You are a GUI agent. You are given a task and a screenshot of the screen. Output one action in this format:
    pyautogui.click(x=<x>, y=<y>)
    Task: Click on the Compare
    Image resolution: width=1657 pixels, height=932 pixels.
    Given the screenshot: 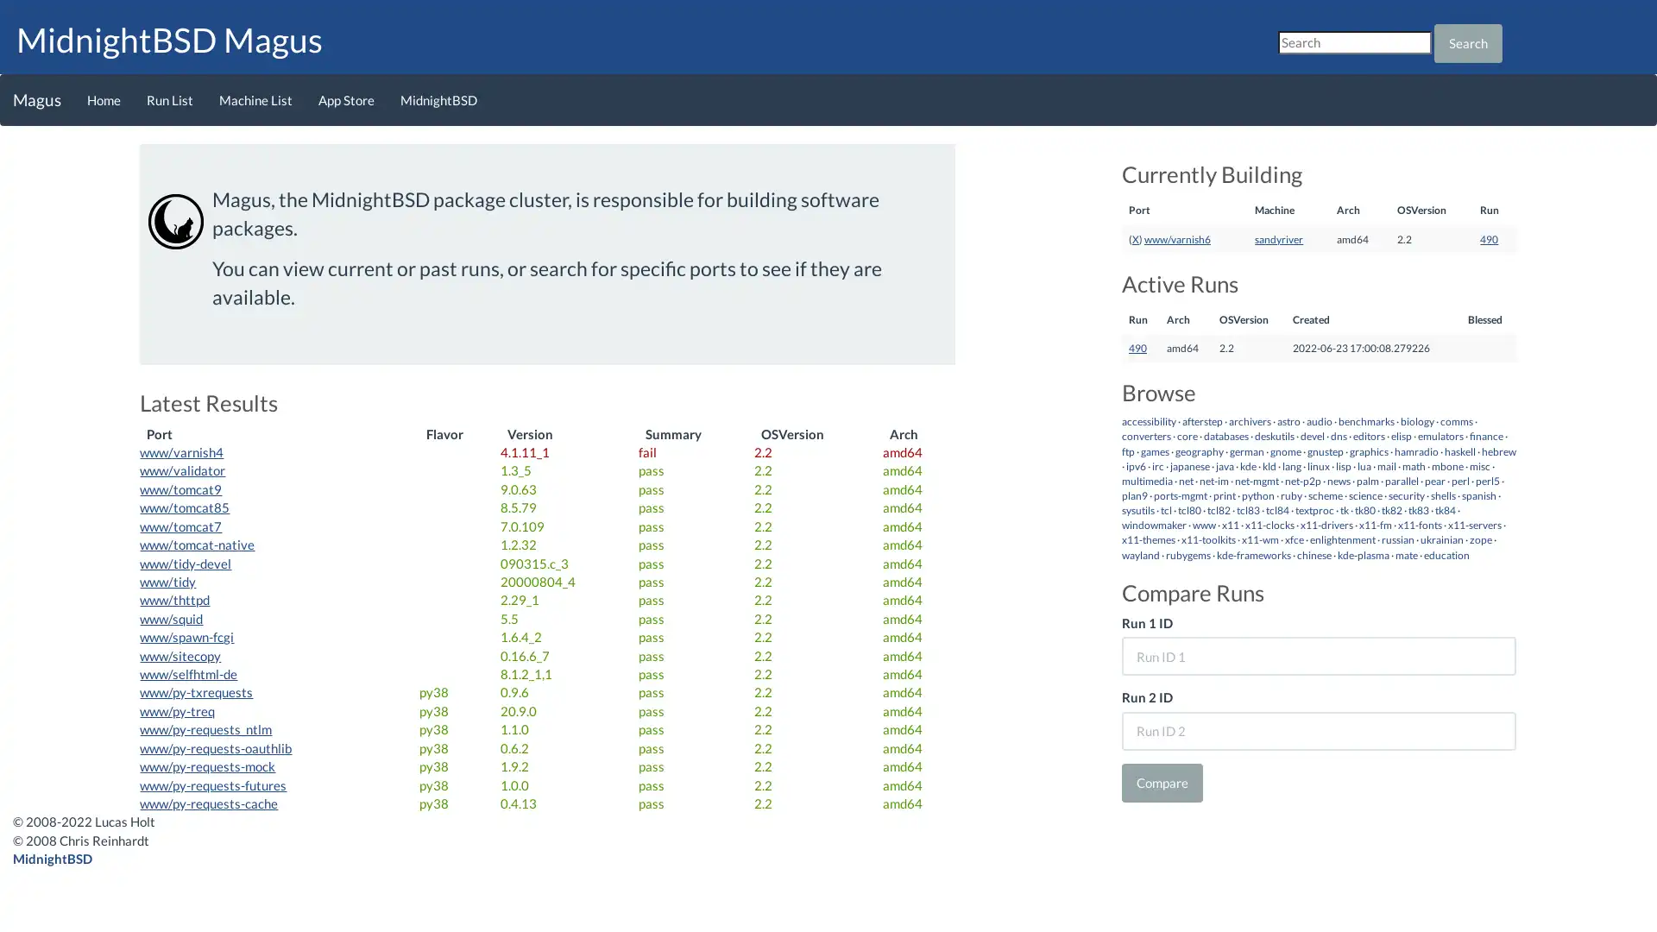 What is the action you would take?
    pyautogui.click(x=1161, y=782)
    